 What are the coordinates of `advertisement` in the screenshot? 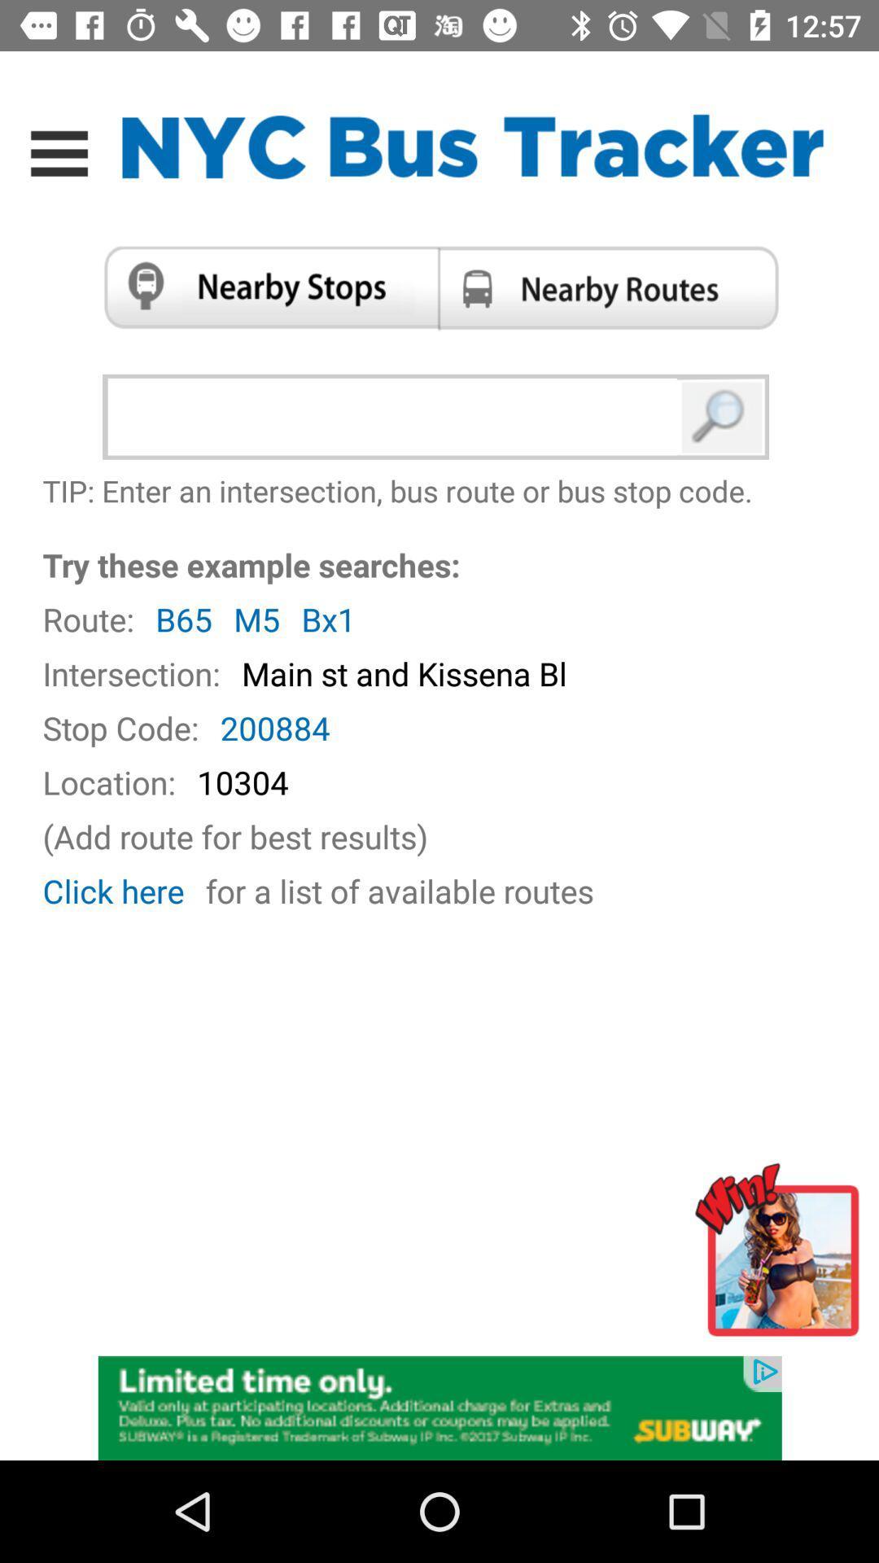 It's located at (781, 1256).